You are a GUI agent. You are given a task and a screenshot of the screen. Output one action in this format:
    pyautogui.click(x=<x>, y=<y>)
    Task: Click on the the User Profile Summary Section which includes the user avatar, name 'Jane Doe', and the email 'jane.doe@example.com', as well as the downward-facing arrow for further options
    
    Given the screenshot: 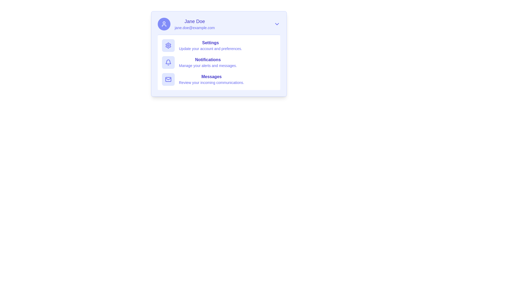 What is the action you would take?
    pyautogui.click(x=219, y=24)
    